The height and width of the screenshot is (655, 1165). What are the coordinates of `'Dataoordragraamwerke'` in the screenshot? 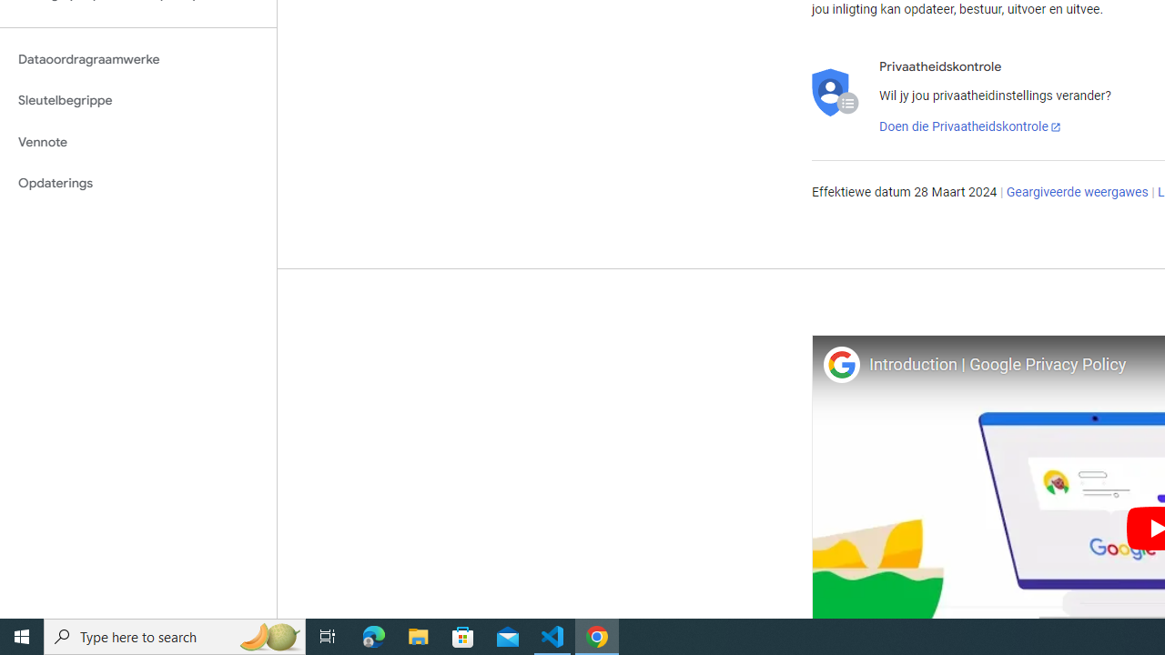 It's located at (137, 58).